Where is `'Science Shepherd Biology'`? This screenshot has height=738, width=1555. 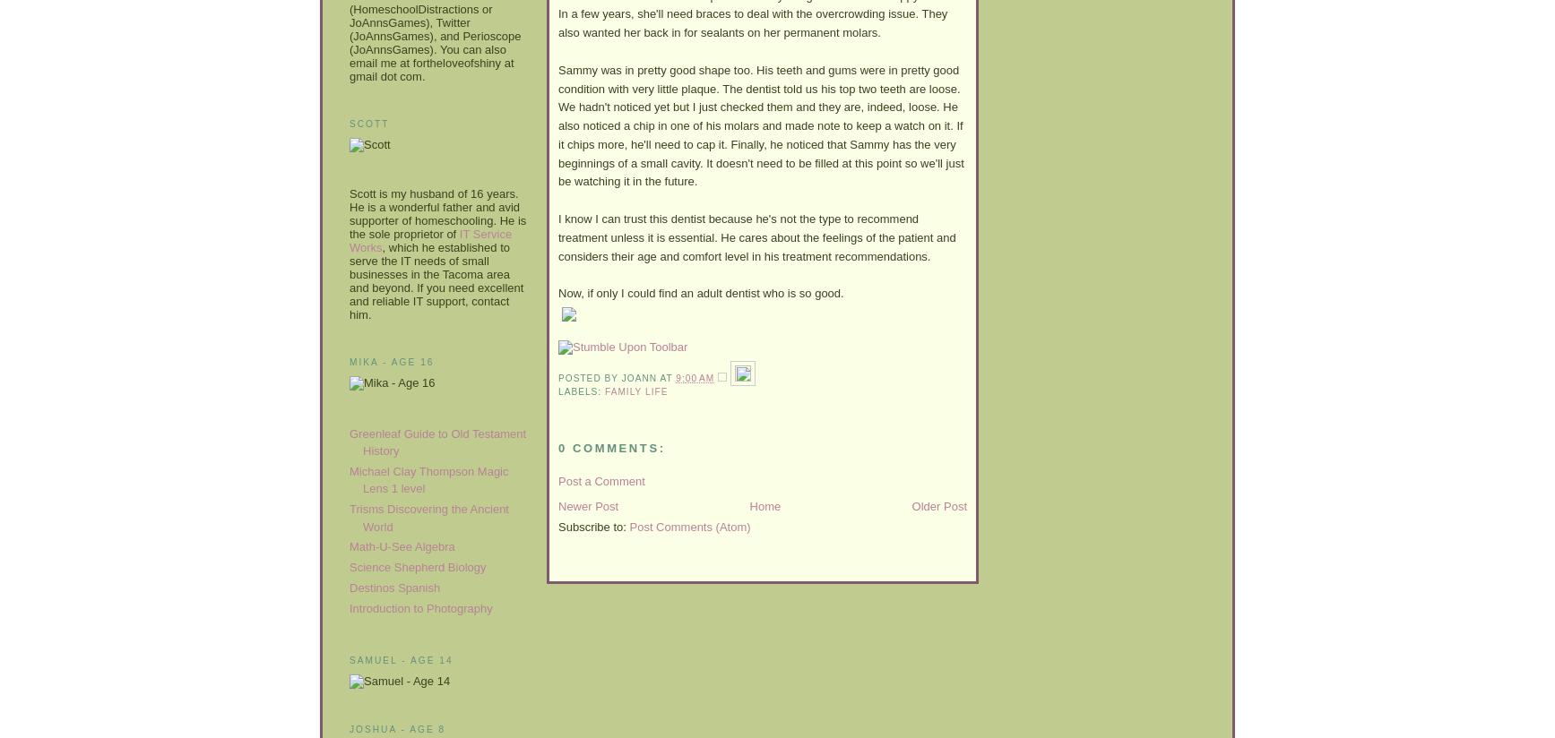
'Science Shepherd Biology' is located at coordinates (418, 566).